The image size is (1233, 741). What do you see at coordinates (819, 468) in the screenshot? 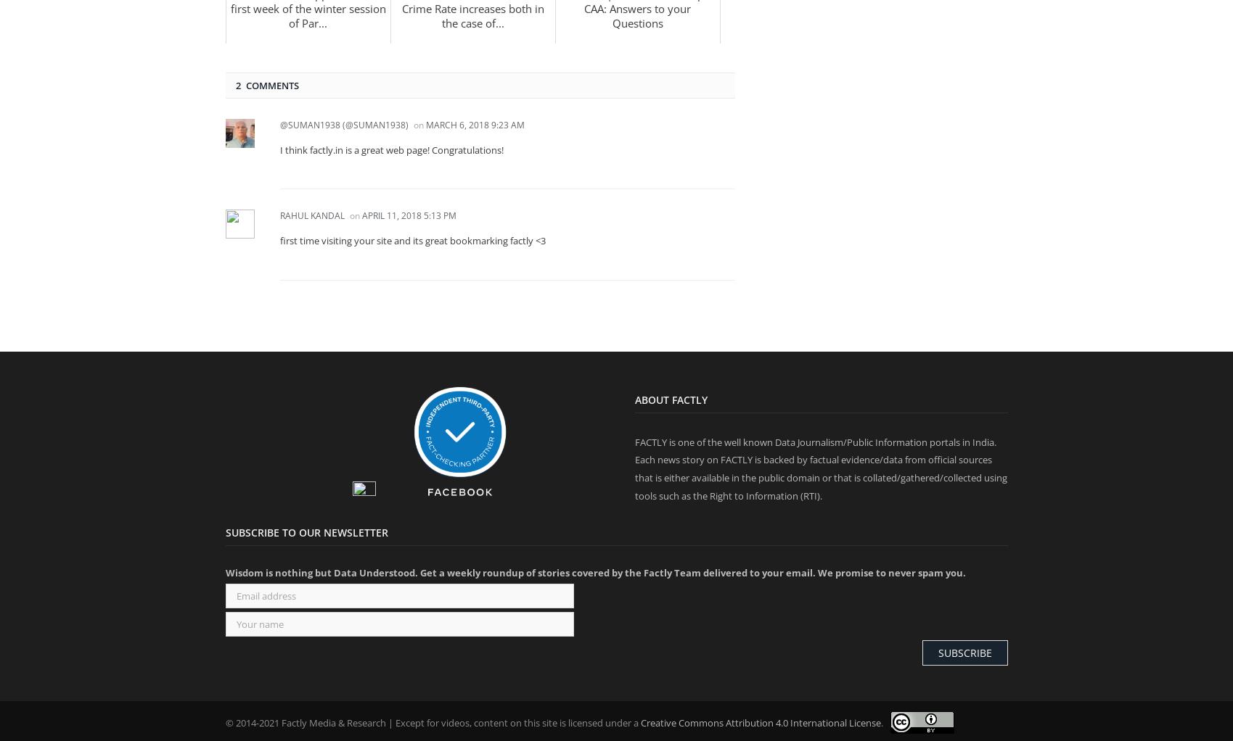
I see `'FACTLY is one of the well known Data Journalism/Public Information portals in India. Each news story on FACTLY is backed by factual evidence/data from official sources that is either available in the public domain or that is collated/gathered/collected using tools such as the Right to Information (RTI).'` at bounding box center [819, 468].